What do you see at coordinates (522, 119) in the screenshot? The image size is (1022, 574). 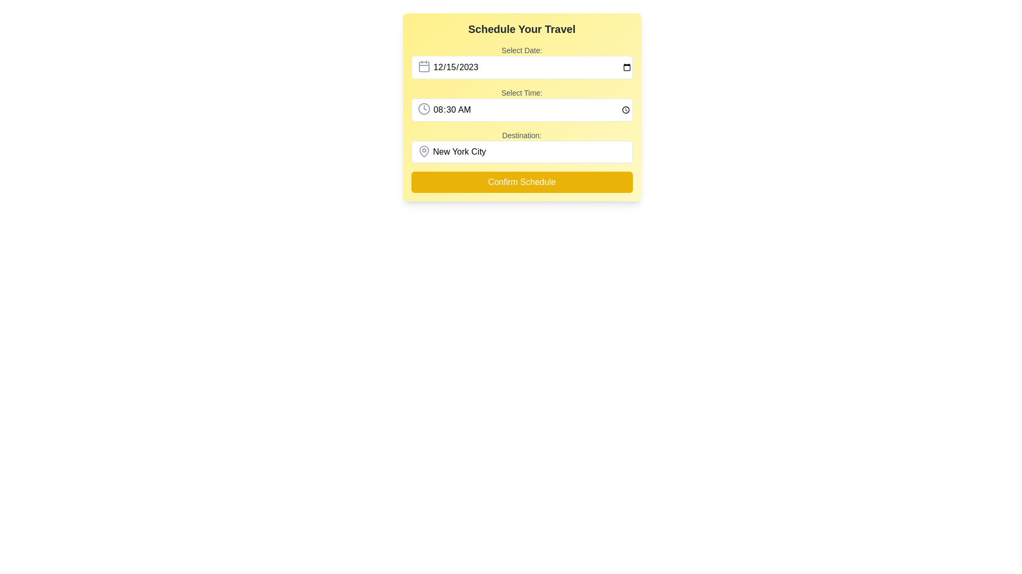 I see `the form section containing 'Select Date:', 'Select Time:', and 'Destination:' labels, which is centrally located in the card interface` at bounding box center [522, 119].